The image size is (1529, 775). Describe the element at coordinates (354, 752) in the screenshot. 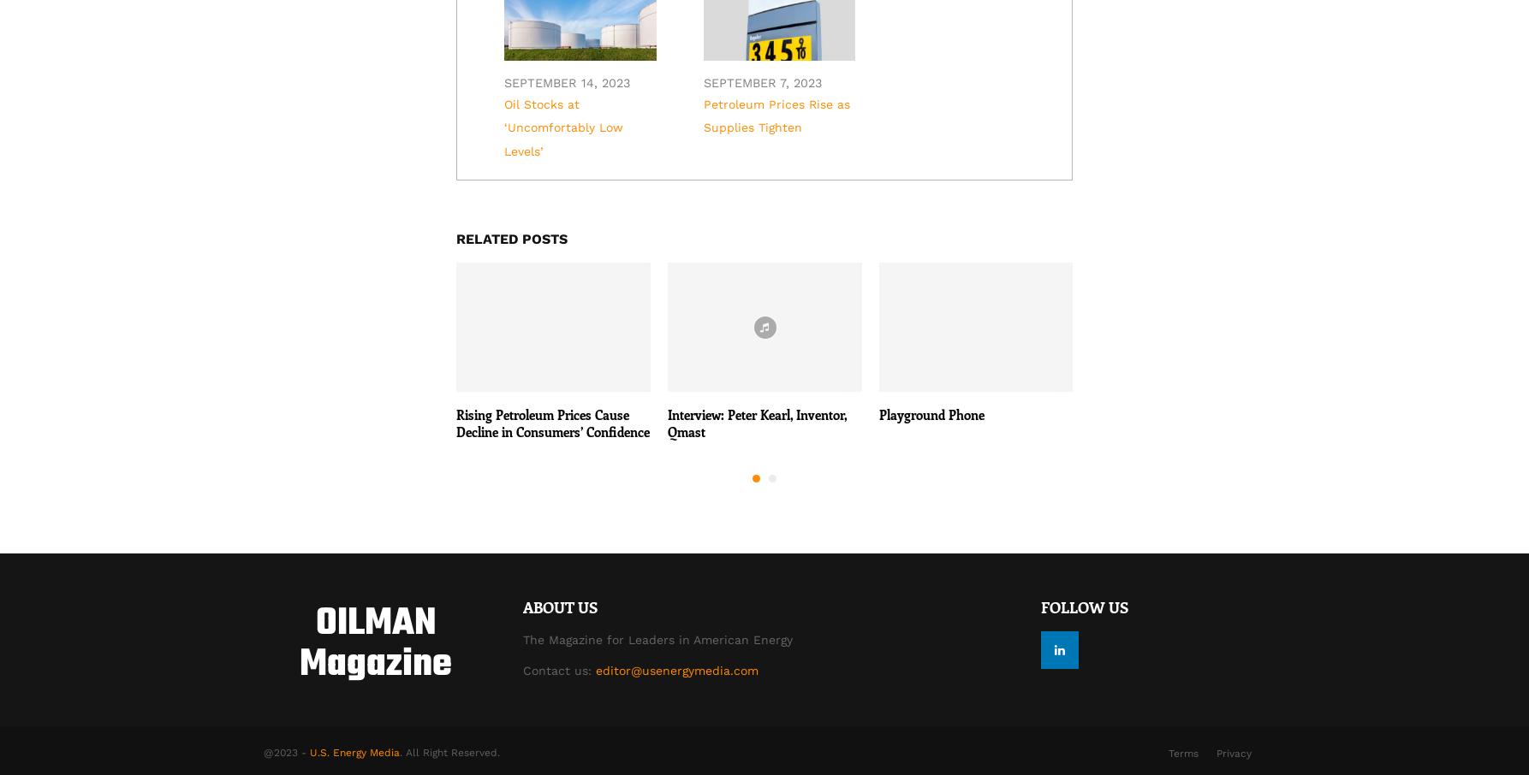

I see `'U.S. Energy Media'` at that location.